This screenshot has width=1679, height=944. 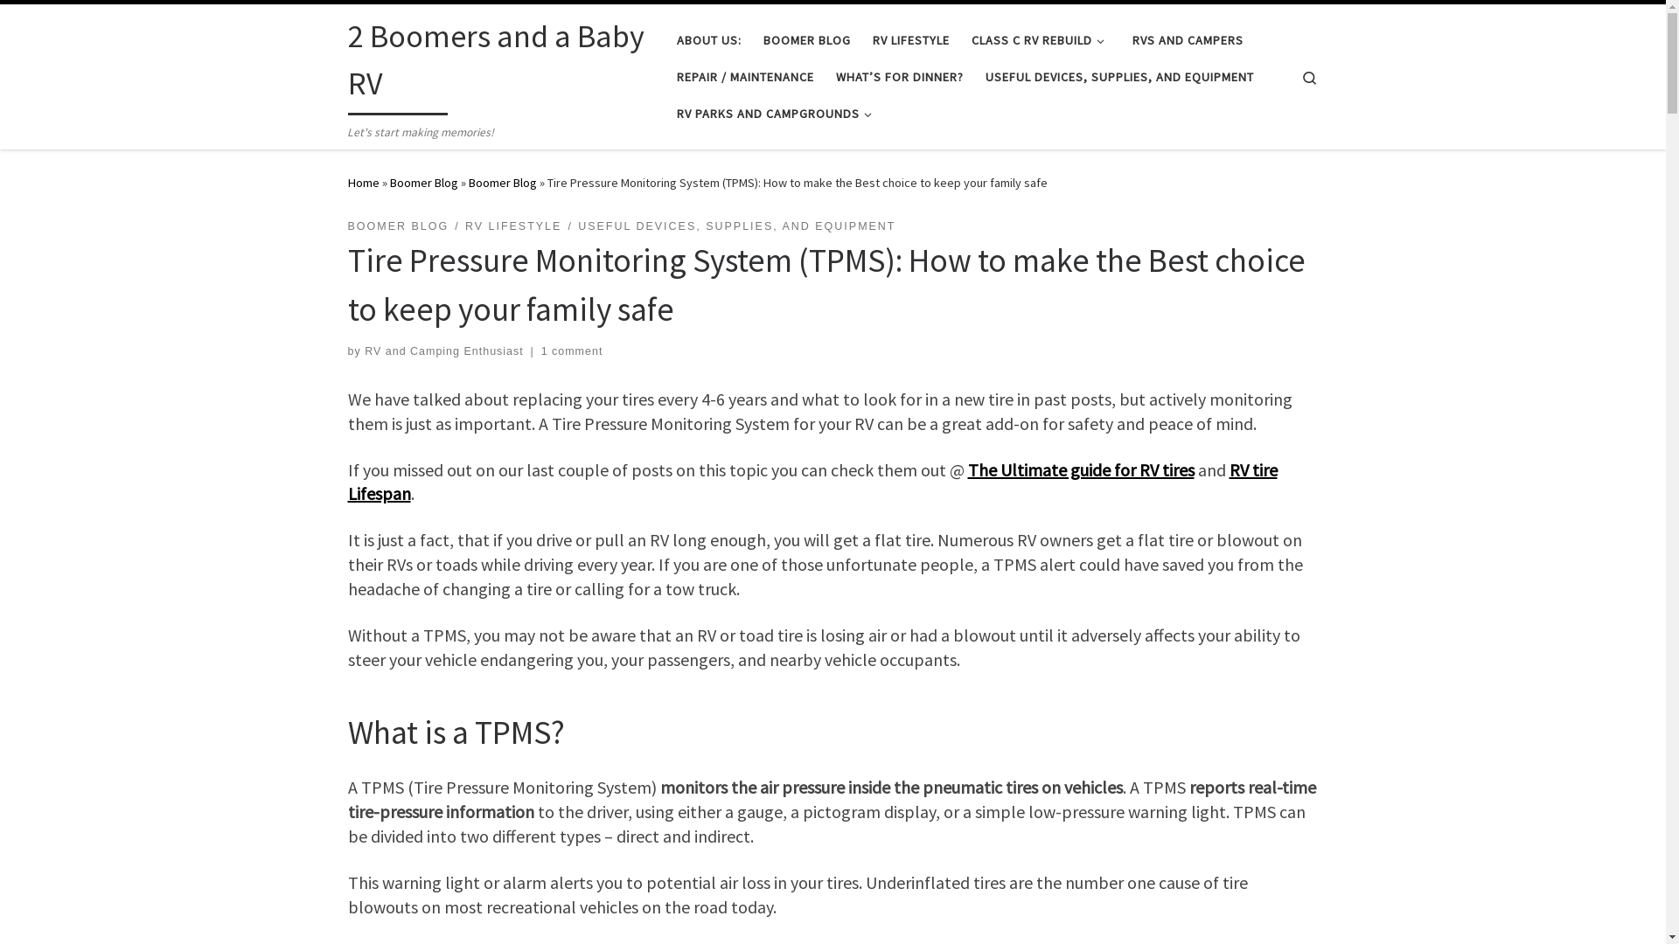 What do you see at coordinates (1079, 468) in the screenshot?
I see `'The Ultimate guide for RV tires'` at bounding box center [1079, 468].